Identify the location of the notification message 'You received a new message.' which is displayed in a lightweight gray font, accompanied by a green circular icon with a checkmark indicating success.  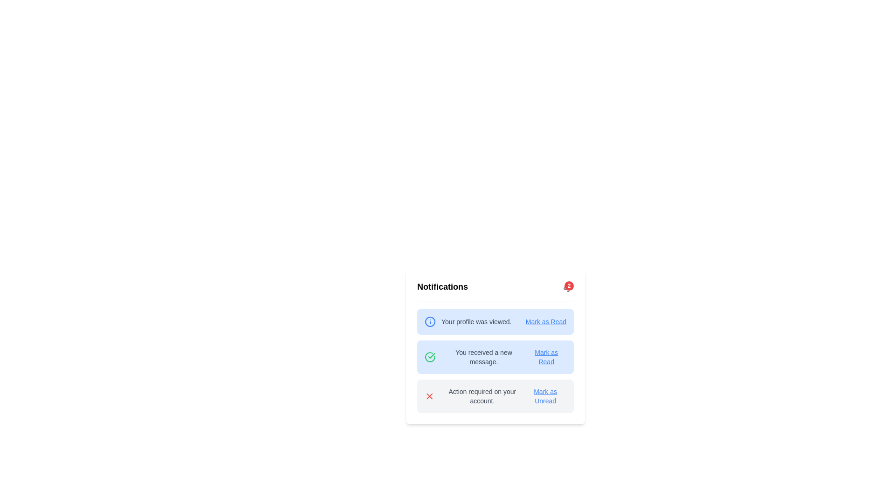
(475, 357).